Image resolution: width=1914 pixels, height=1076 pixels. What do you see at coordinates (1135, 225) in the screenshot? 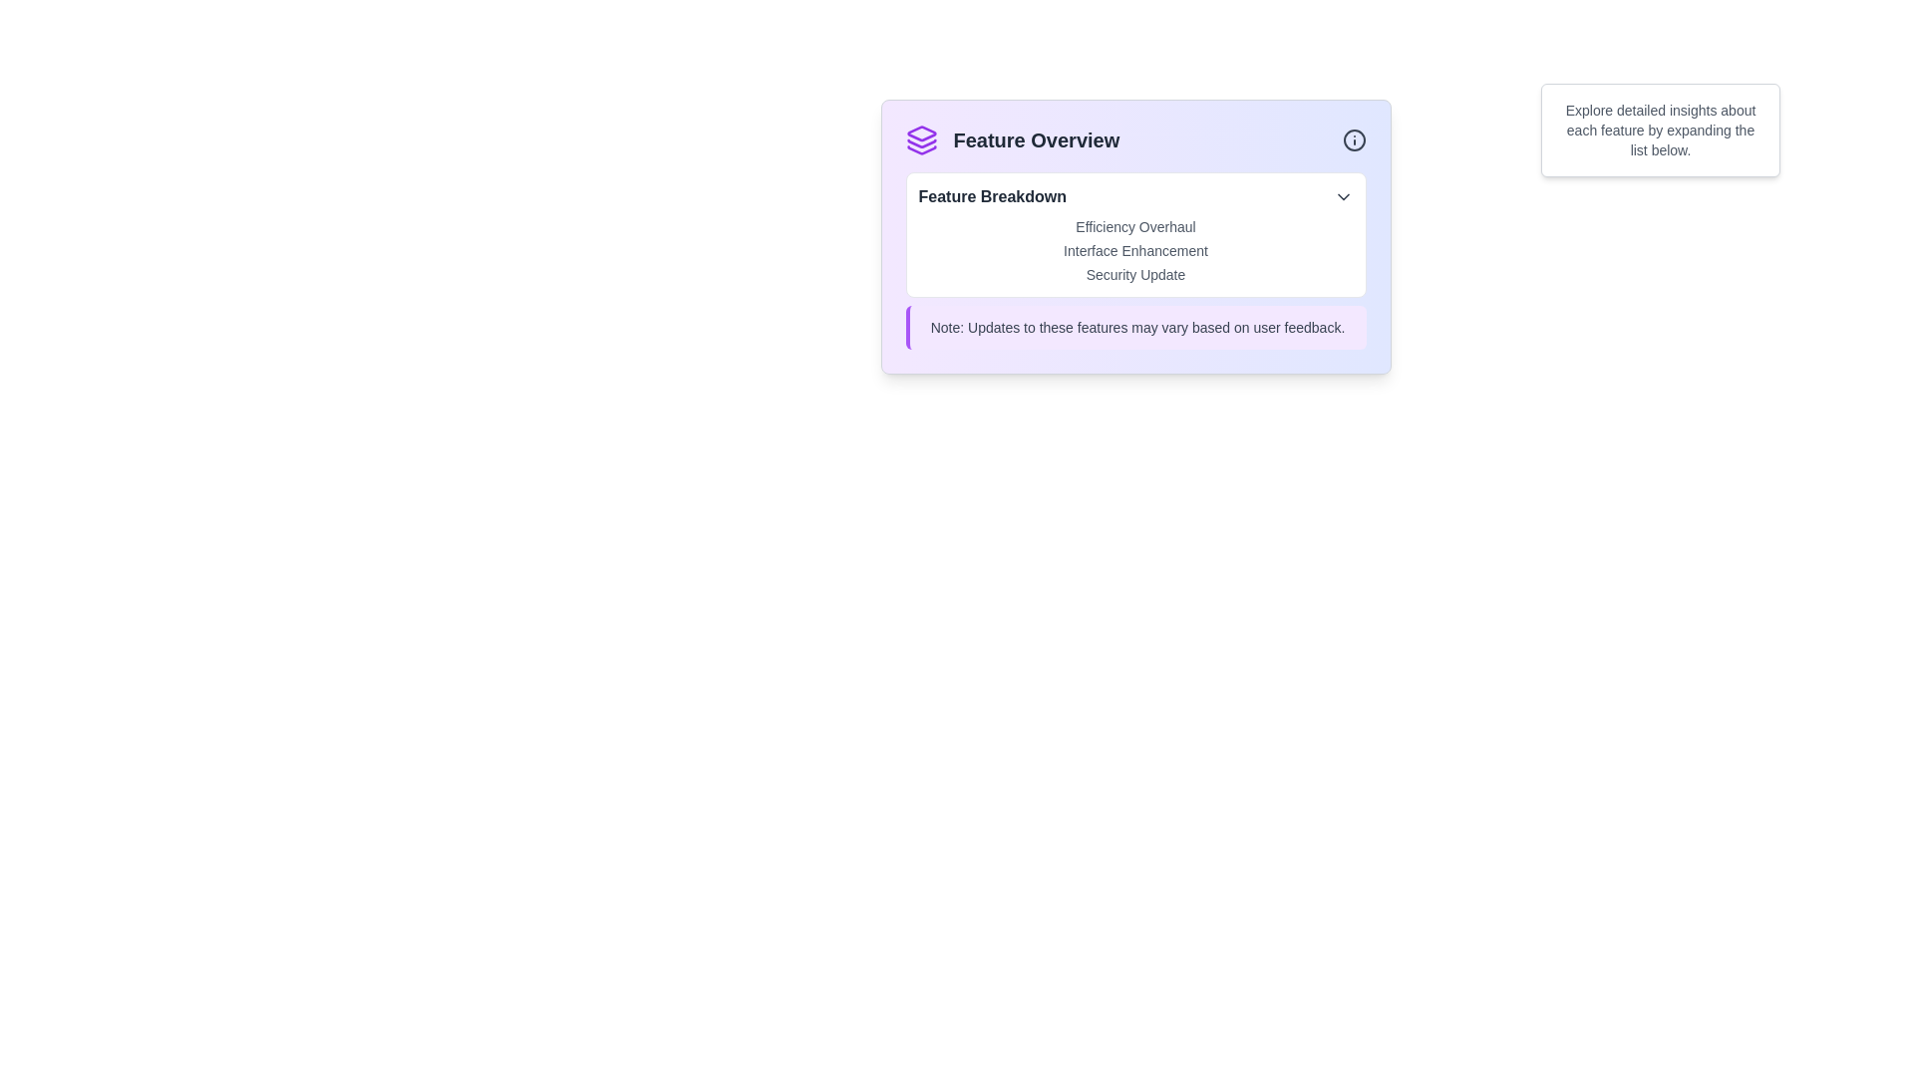
I see `text content of the first item in the vertically-aligned list under the heading 'Feature Breakdown' in the 'Feature Overview' panel` at bounding box center [1135, 225].